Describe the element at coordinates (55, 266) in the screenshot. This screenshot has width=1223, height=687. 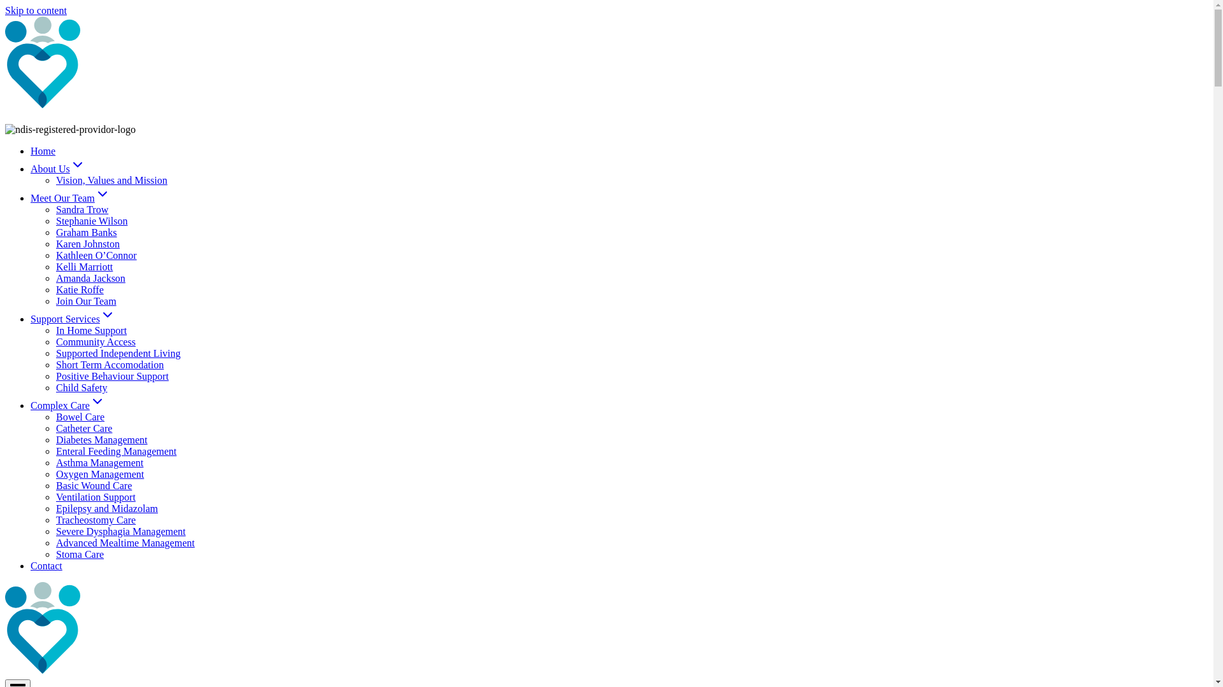
I see `'Kelli Marriott'` at that location.